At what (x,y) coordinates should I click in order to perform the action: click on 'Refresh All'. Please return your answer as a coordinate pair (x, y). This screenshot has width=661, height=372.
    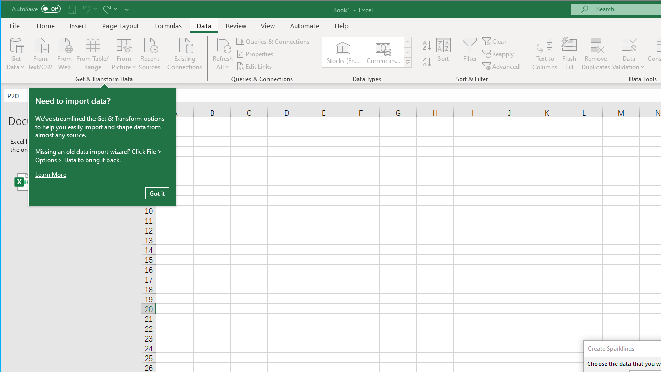
    Looking at the image, I should click on (223, 54).